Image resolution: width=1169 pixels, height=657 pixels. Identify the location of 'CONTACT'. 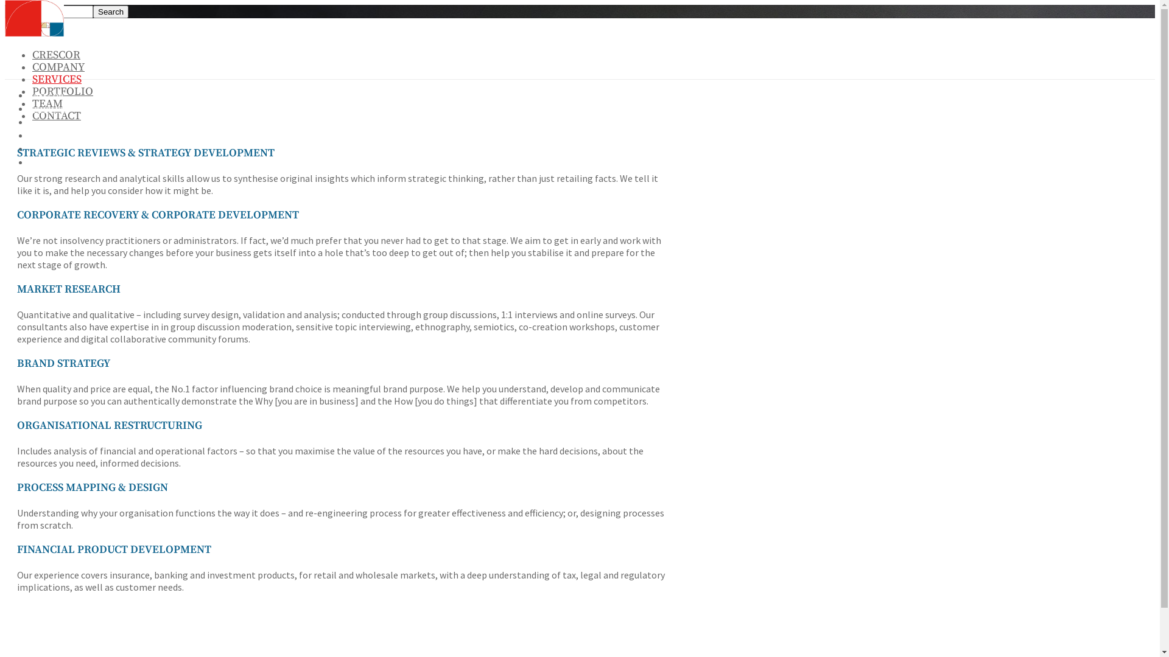
(47, 162).